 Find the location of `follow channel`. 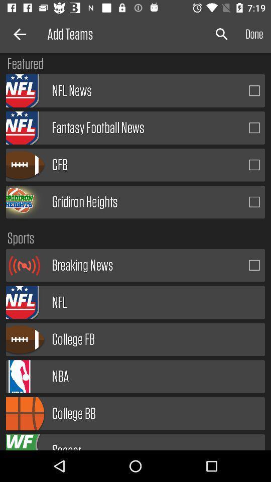

follow channel is located at coordinates (254, 90).